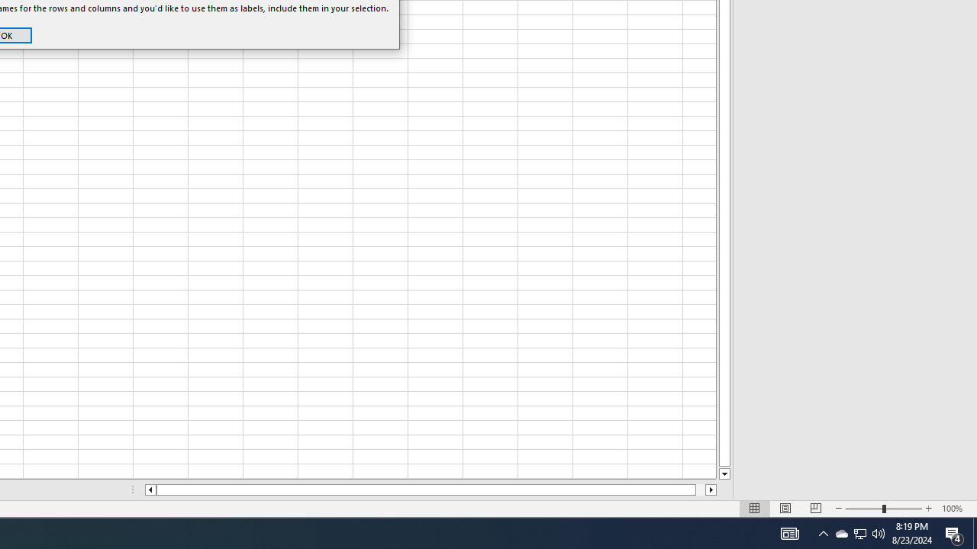 The width and height of the screenshot is (977, 549). Describe the element at coordinates (954, 532) in the screenshot. I see `'Action Center, 4 new notifications'` at that location.